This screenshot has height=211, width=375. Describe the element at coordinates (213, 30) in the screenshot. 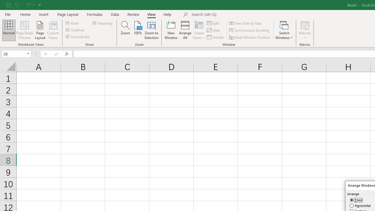

I see `'Hide'` at that location.